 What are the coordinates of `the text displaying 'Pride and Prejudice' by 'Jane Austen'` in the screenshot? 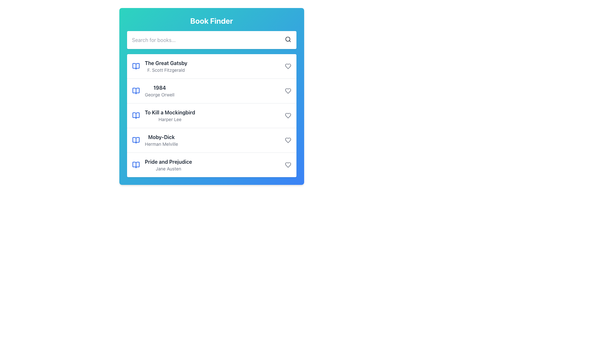 It's located at (168, 165).